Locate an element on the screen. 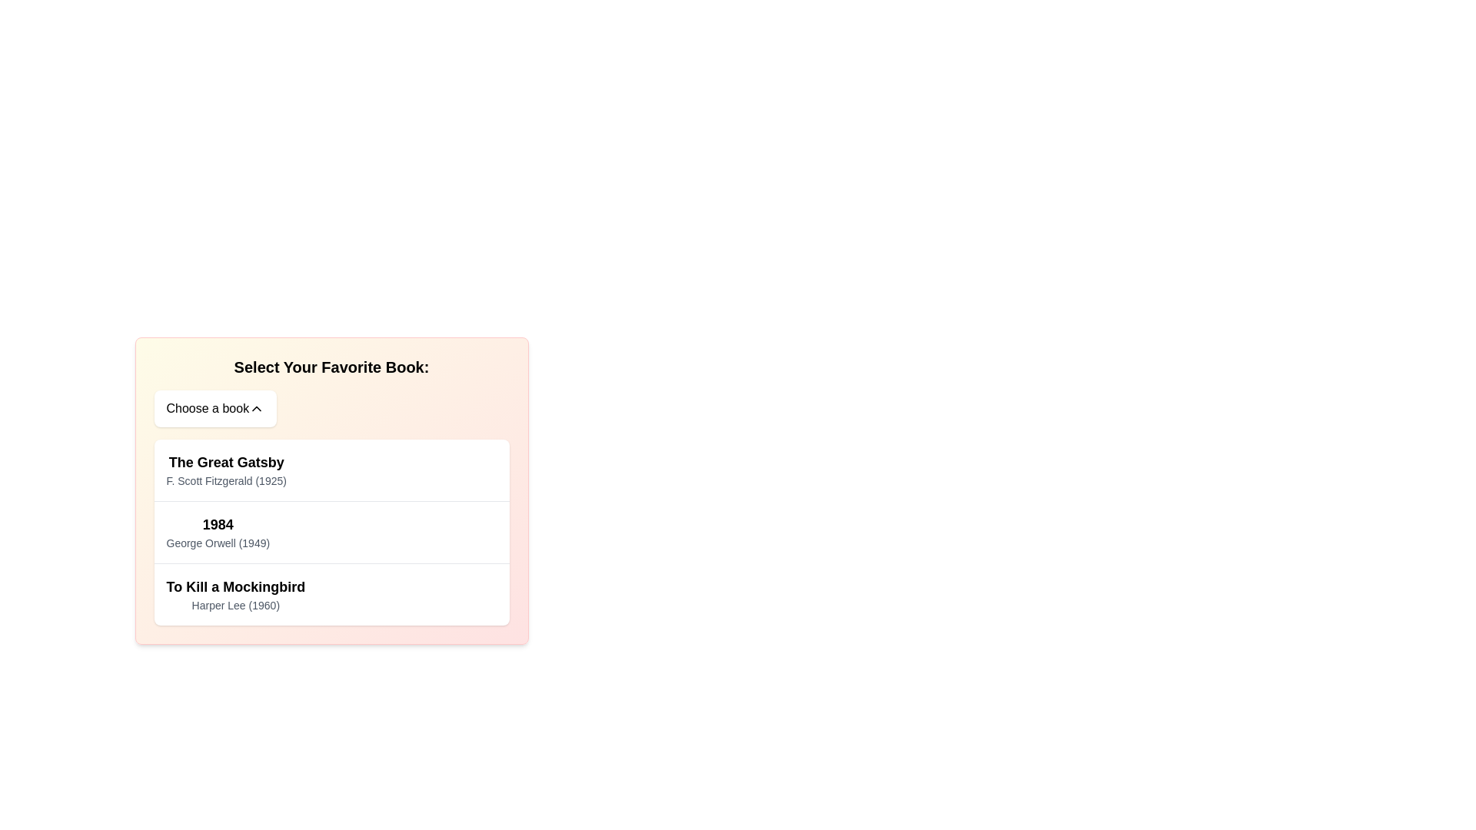 This screenshot has width=1476, height=830. the Text label that prompts users to choose from a list of books, located in the top portion of a dropdown structure is located at coordinates (207, 408).